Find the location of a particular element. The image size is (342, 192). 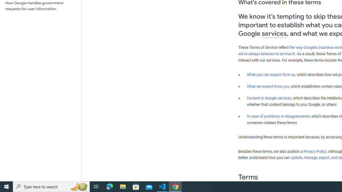

'In case of problems or disagreements' is located at coordinates (278, 116).